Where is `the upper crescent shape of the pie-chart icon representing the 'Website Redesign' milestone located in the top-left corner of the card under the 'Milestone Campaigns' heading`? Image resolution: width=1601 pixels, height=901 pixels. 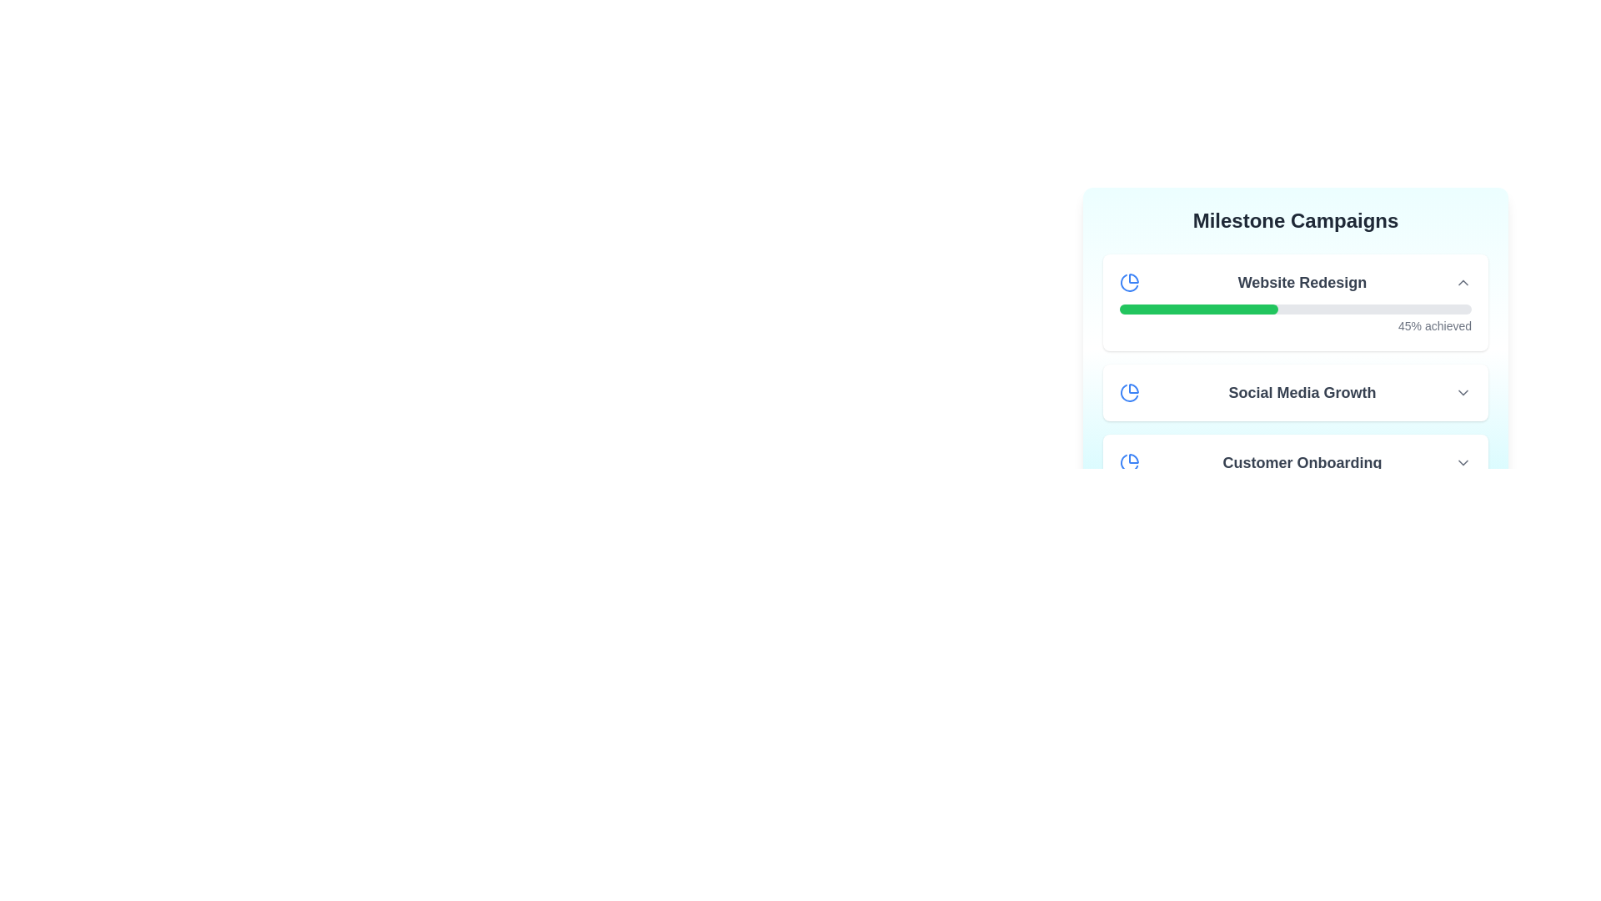 the upper crescent shape of the pie-chart icon representing the 'Website Redesign' milestone located in the top-left corner of the card under the 'Milestone Campaigns' heading is located at coordinates (1133, 278).